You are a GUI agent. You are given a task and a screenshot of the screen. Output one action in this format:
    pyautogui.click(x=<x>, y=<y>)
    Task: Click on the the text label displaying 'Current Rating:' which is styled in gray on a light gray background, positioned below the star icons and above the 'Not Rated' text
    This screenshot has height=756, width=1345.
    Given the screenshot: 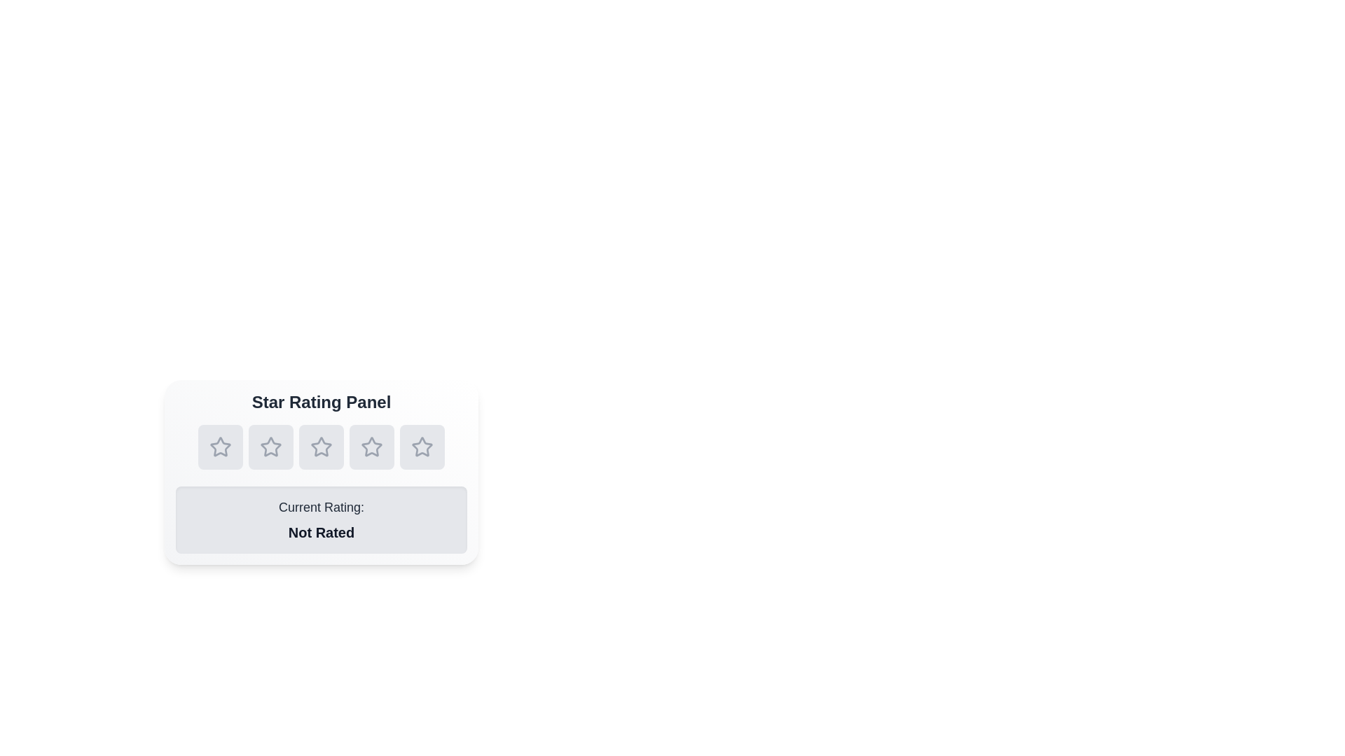 What is the action you would take?
    pyautogui.click(x=321, y=507)
    